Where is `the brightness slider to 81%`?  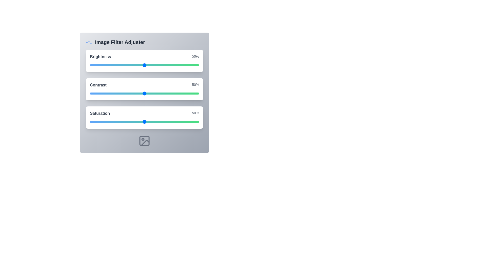
the brightness slider to 81% is located at coordinates (178, 65).